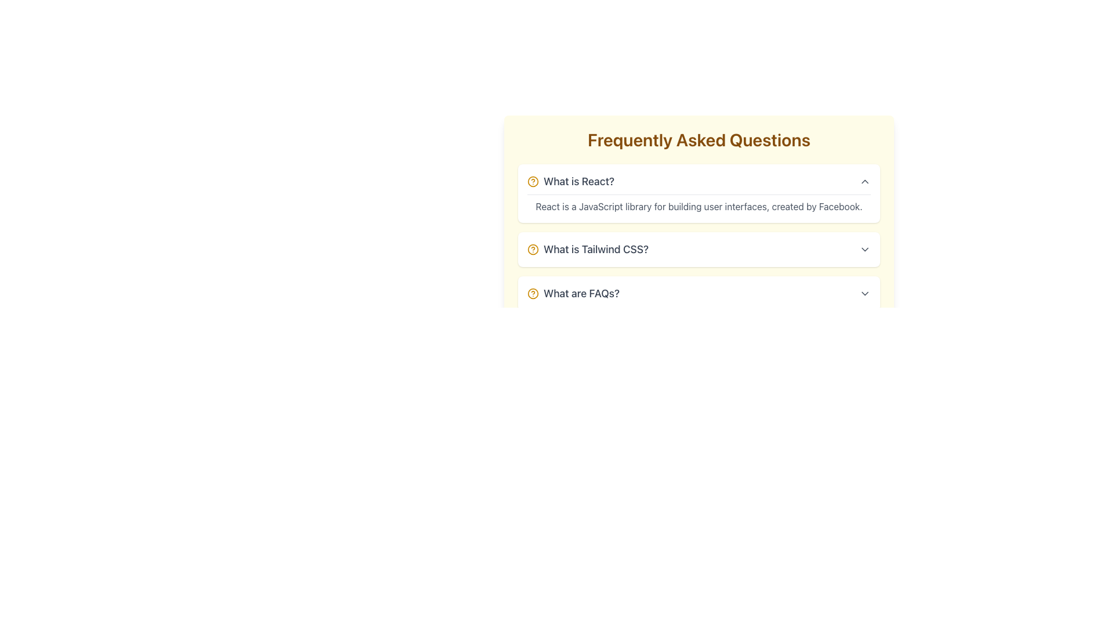  Describe the element at coordinates (532, 293) in the screenshot. I see `the circular icon with a yellow border and a question mark in its center, located to the left of the text 'What are FAQs?' in the Frequently Asked Questions section` at that location.